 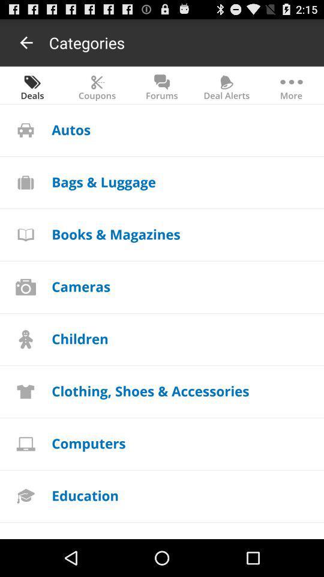 I want to click on the item at the bottom, so click(x=150, y=390).